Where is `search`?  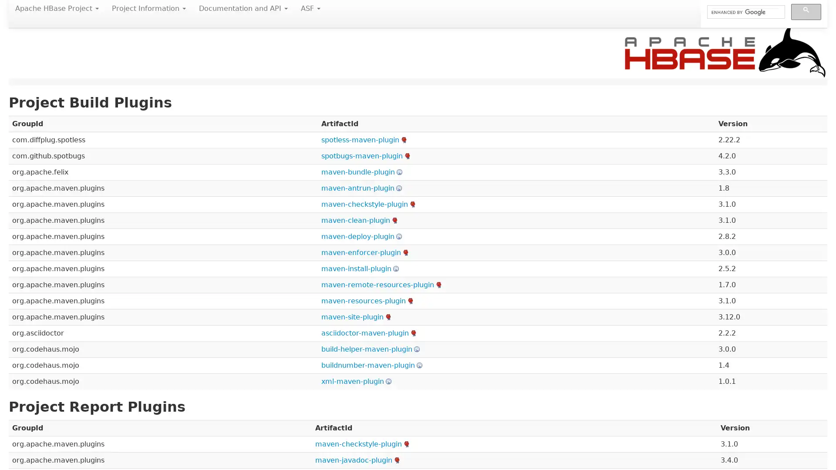 search is located at coordinates (806, 12).